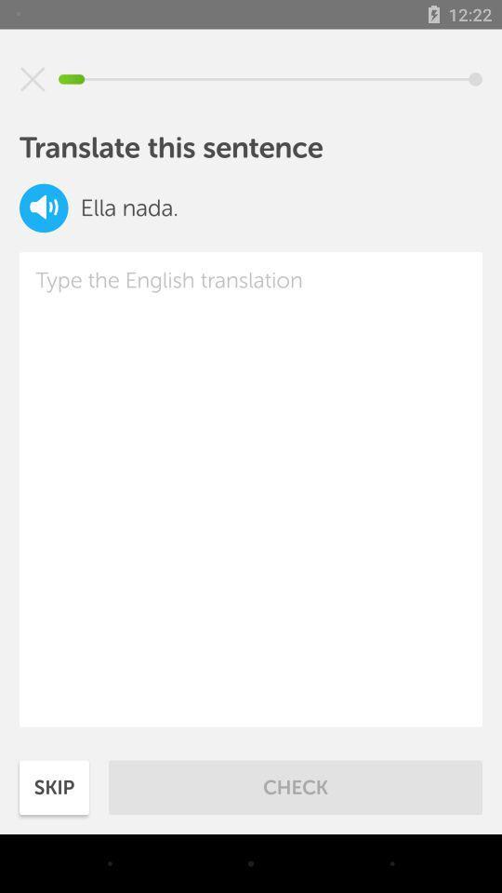 The height and width of the screenshot is (893, 502). What do you see at coordinates (44, 207) in the screenshot?
I see `the icon below translate this sentence item` at bounding box center [44, 207].